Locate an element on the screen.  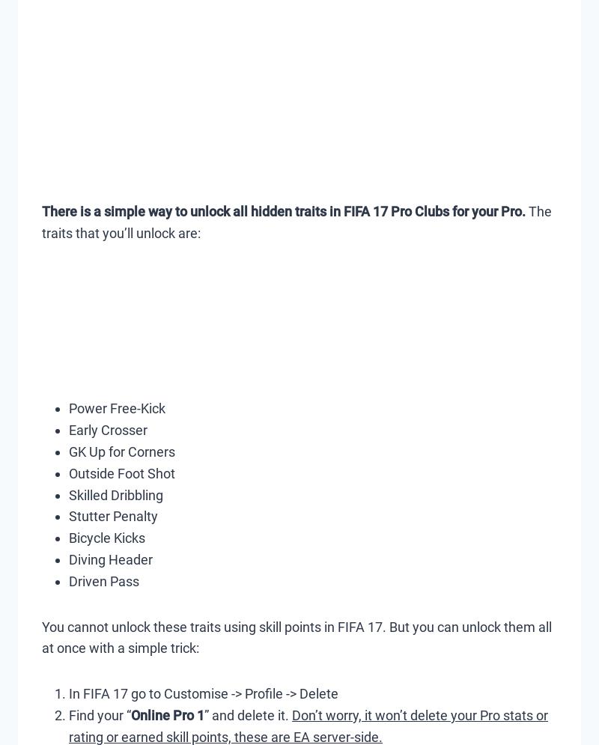
'Diving Header' is located at coordinates (111, 558).